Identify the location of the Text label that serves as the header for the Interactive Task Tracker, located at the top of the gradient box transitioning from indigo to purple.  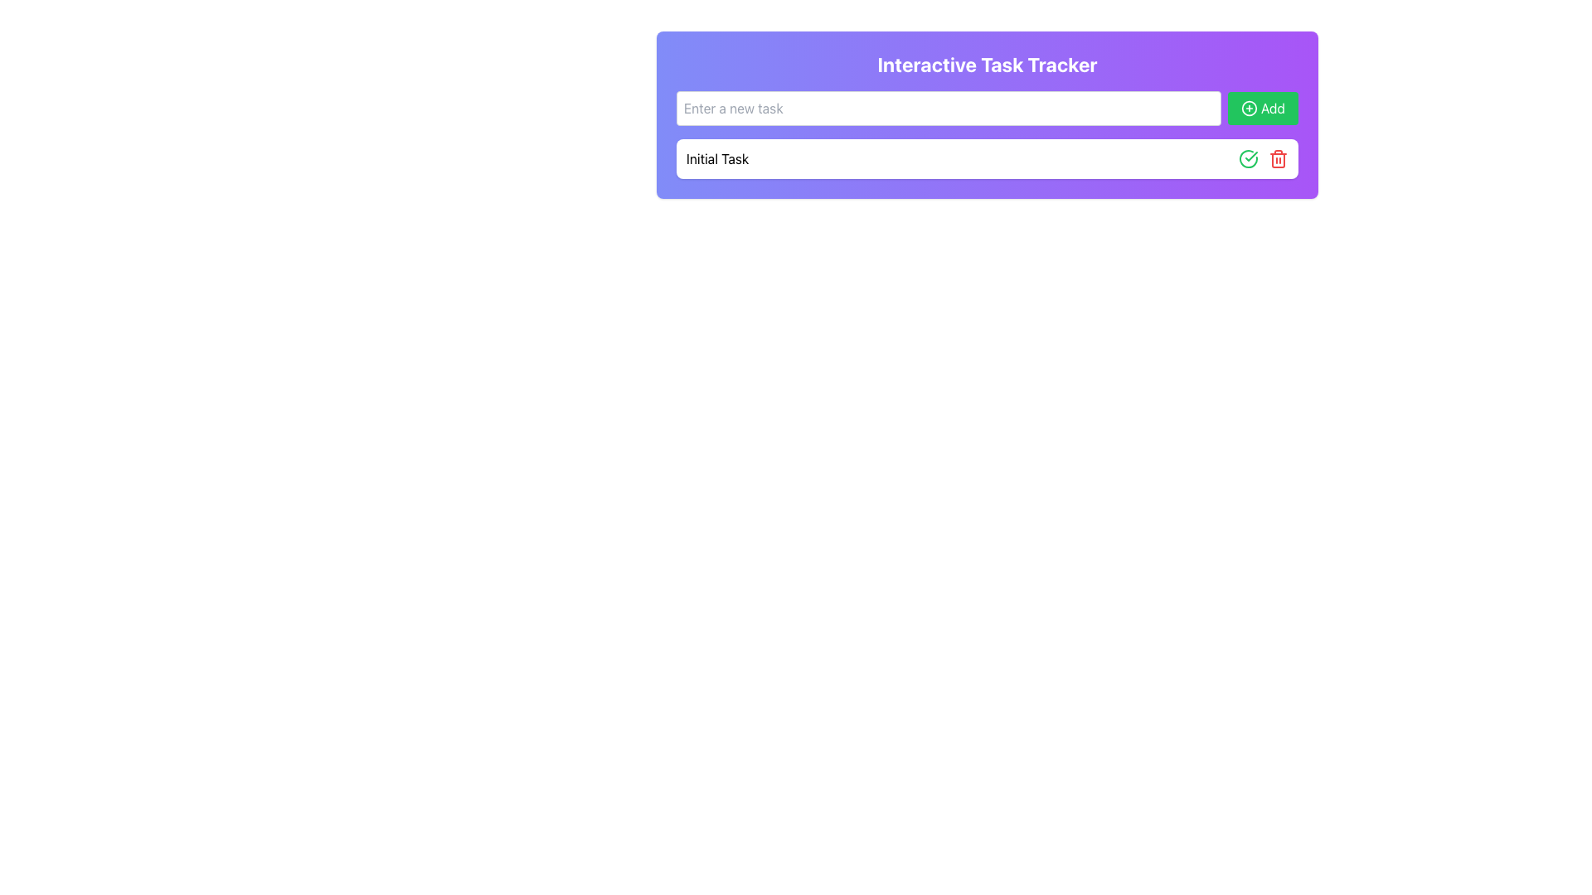
(987, 63).